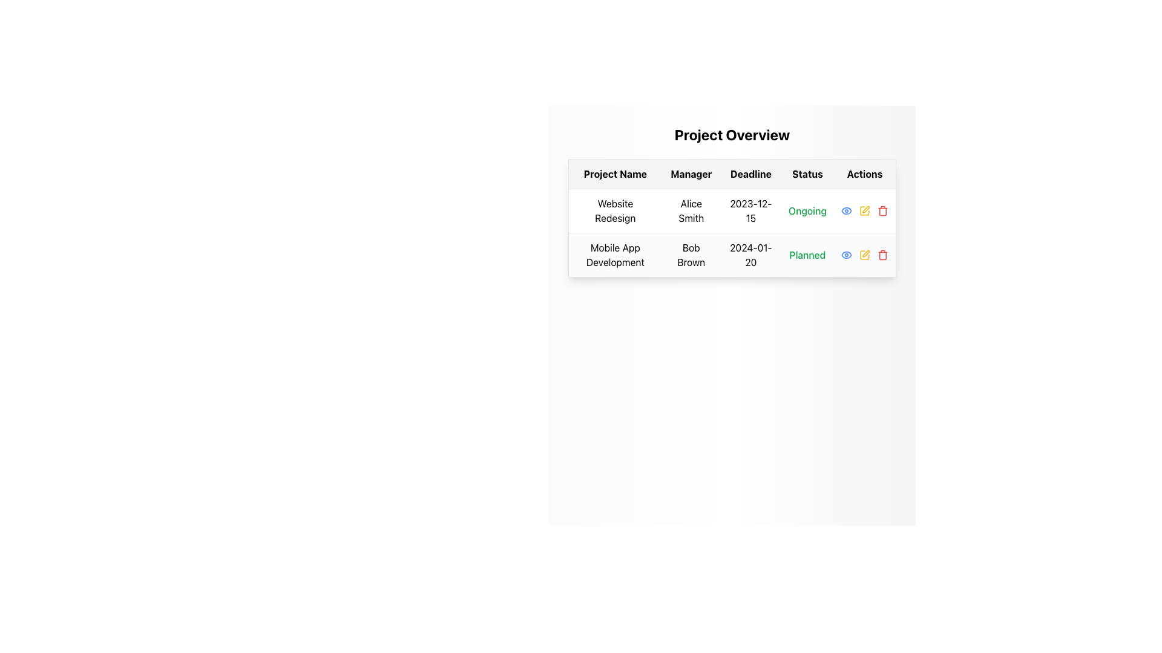 This screenshot has width=1162, height=653. What do you see at coordinates (807, 254) in the screenshot?
I see `the 'Planned' text label in the 'Status' column of the second row, which corresponds to the 'Mobile App Development' project` at bounding box center [807, 254].